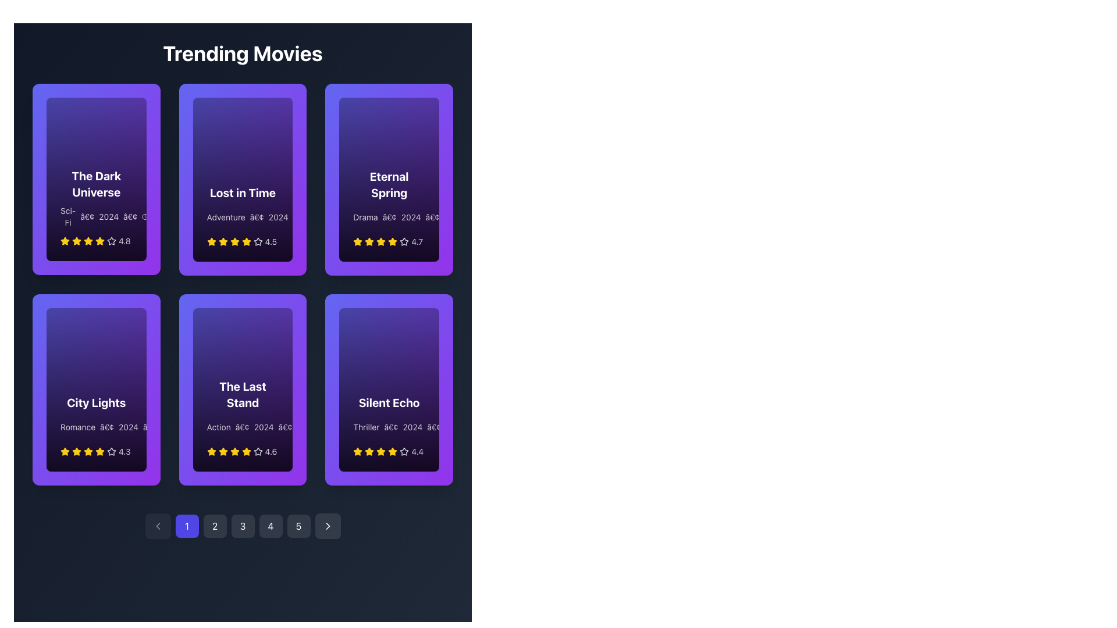 The image size is (1117, 628). What do you see at coordinates (88, 241) in the screenshot?
I see `the second star in the rating system for the movie 'The Dark Universe'` at bounding box center [88, 241].